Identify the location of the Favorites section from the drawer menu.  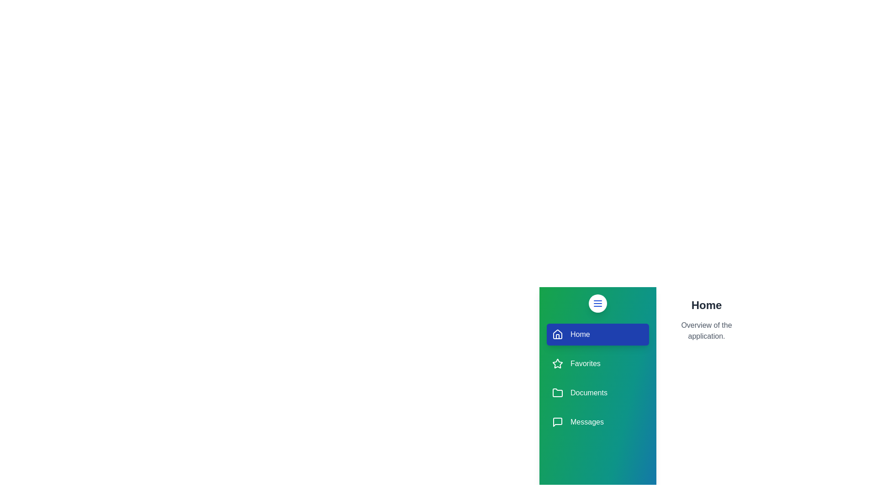
(598, 363).